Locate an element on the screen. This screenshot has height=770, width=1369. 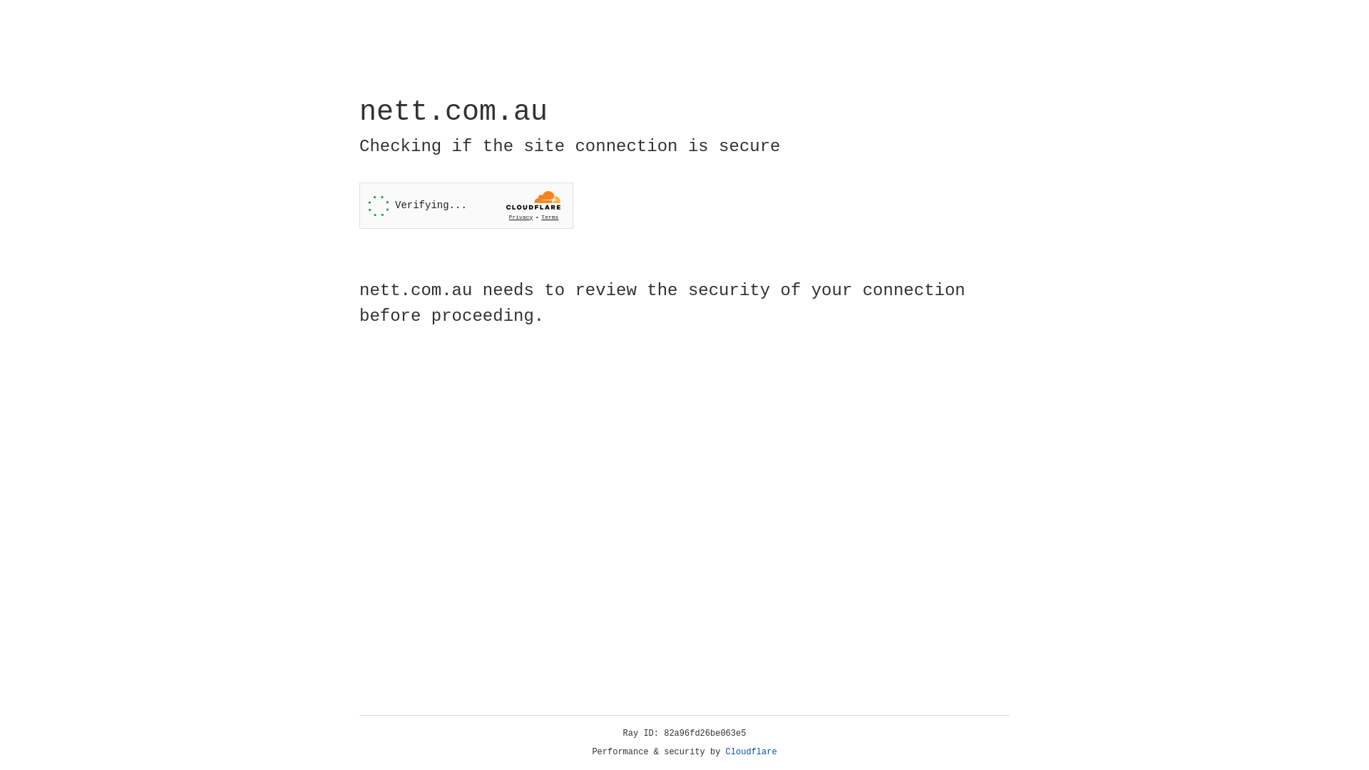
'Cloudflare' is located at coordinates (751, 751).